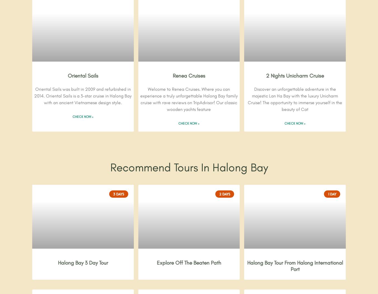  I want to click on '1 Day', so click(332, 194).